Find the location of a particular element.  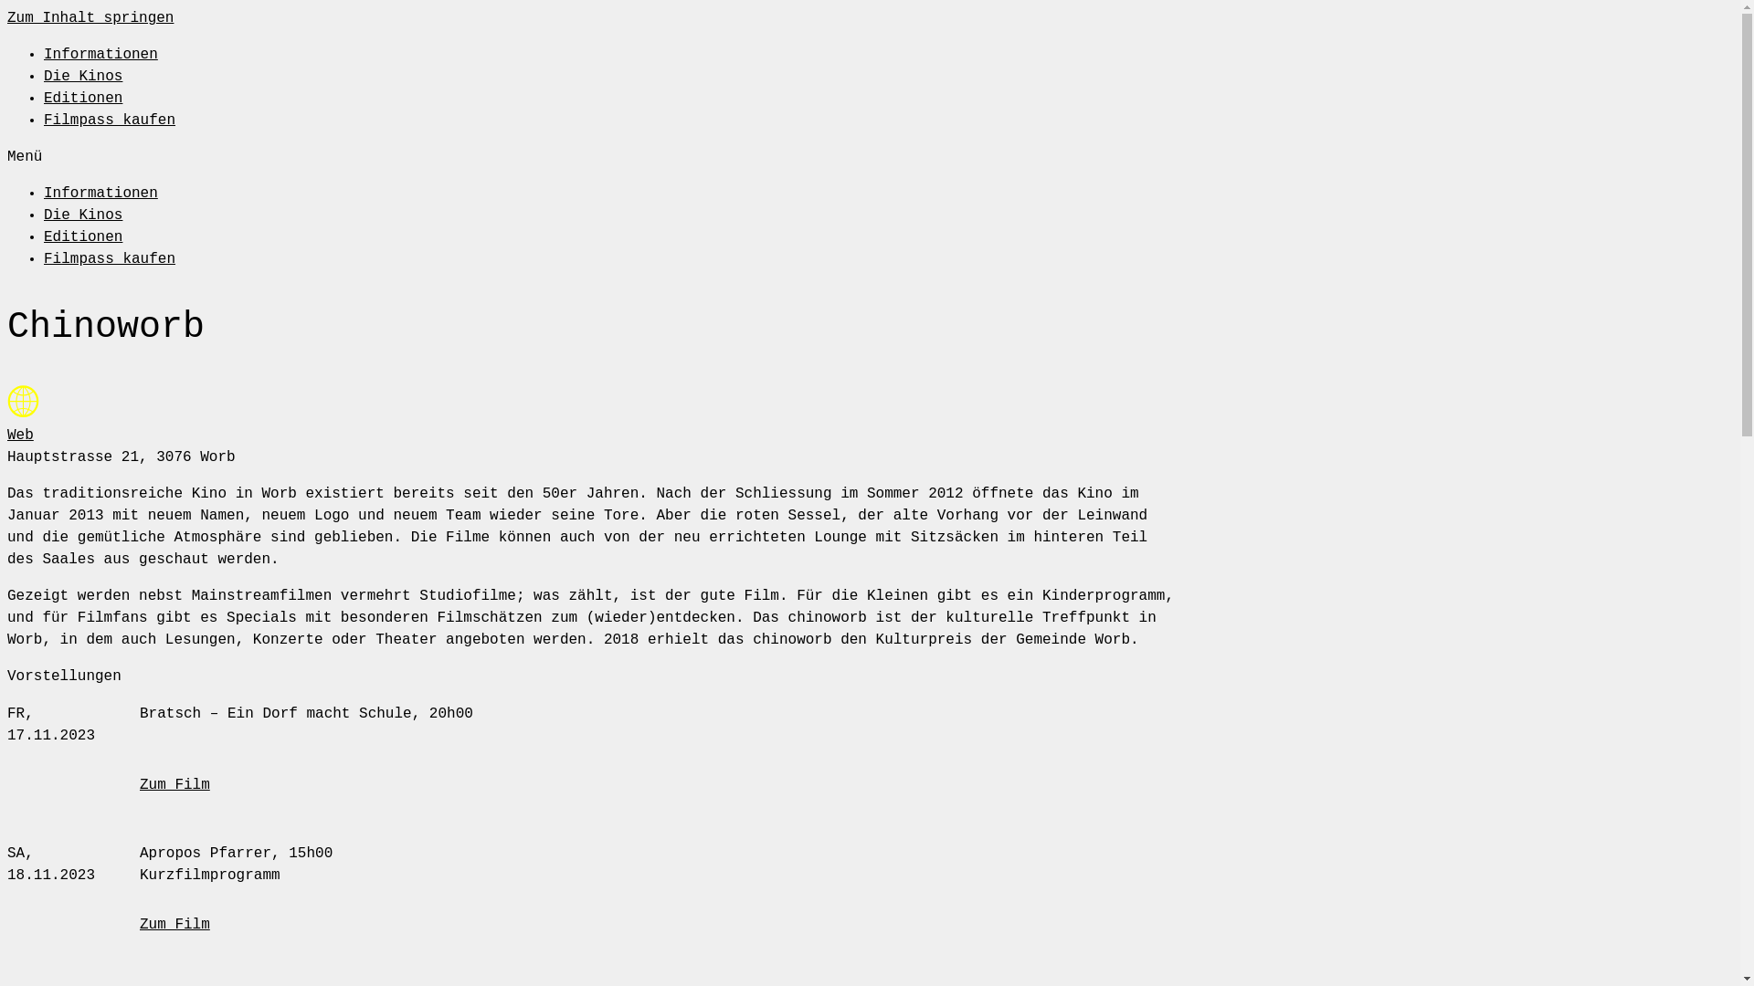

'Informationen' is located at coordinates (100, 194).